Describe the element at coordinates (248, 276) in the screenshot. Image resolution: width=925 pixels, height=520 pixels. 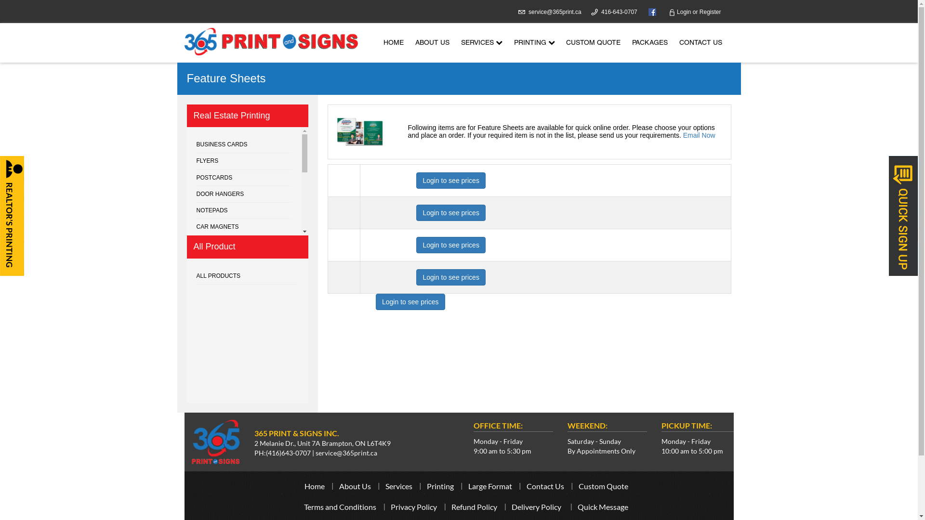
I see `'ALL PRODUCTS'` at that location.